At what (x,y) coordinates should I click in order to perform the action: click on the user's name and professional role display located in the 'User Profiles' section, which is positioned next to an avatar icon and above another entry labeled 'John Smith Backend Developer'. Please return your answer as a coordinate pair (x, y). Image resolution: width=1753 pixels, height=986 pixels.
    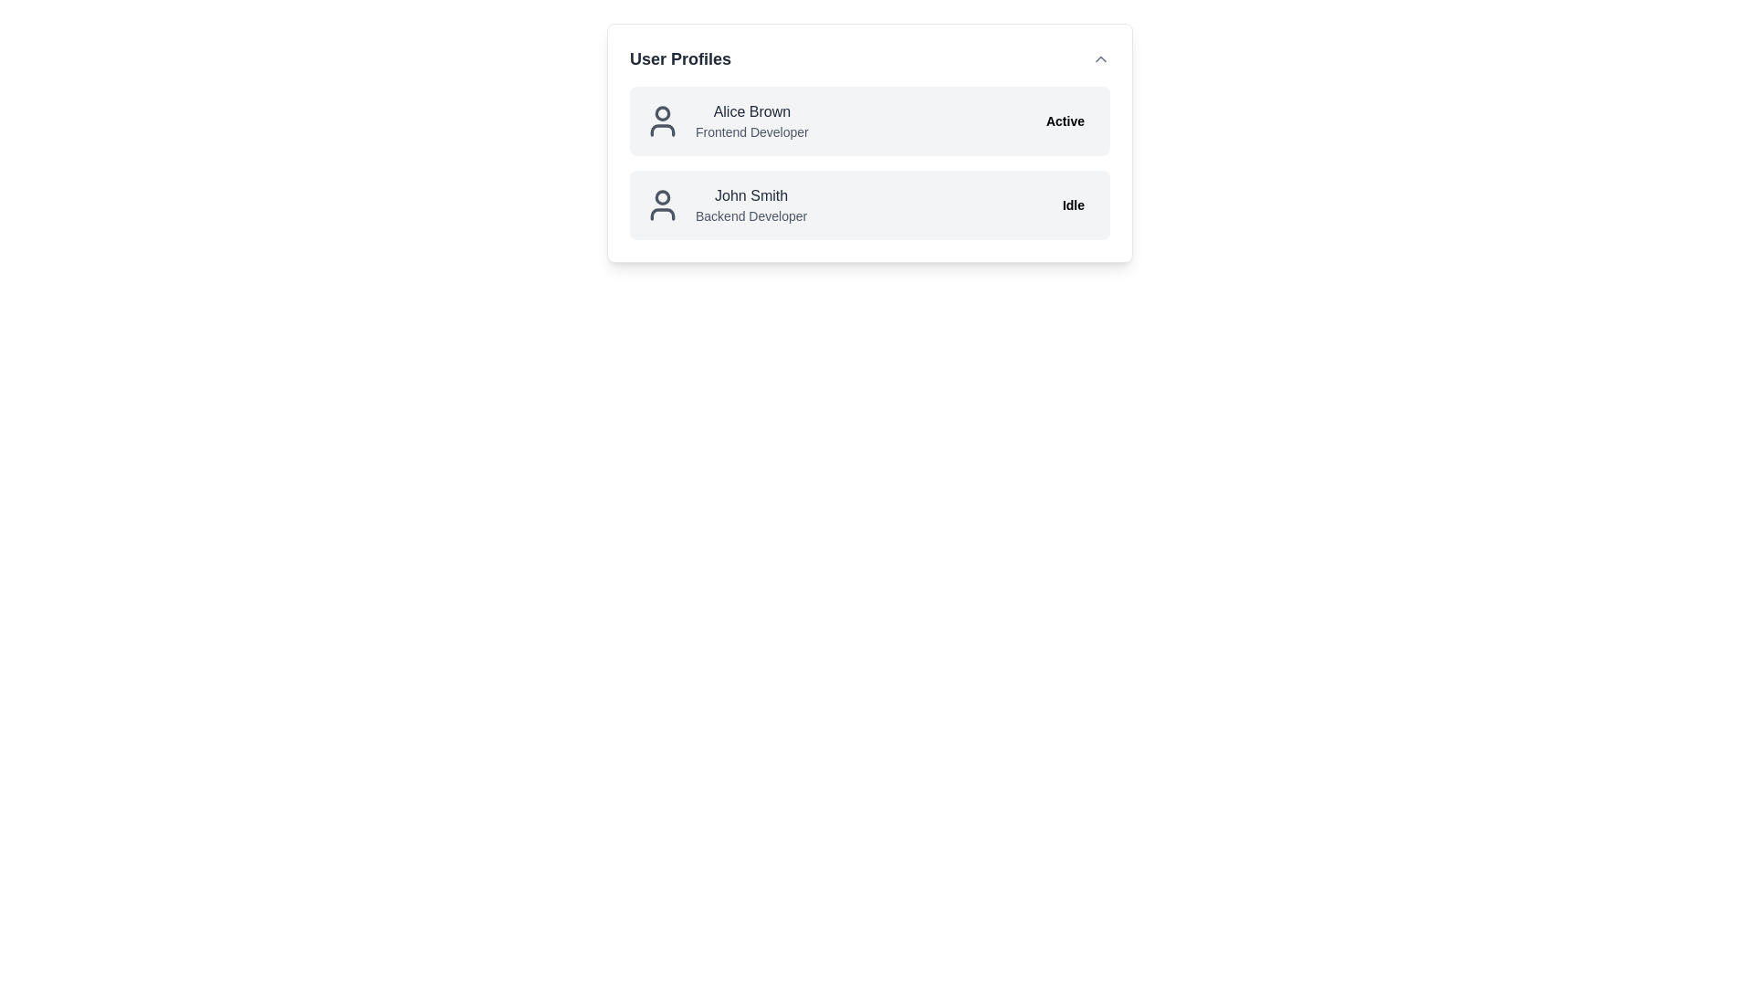
    Looking at the image, I should click on (751, 121).